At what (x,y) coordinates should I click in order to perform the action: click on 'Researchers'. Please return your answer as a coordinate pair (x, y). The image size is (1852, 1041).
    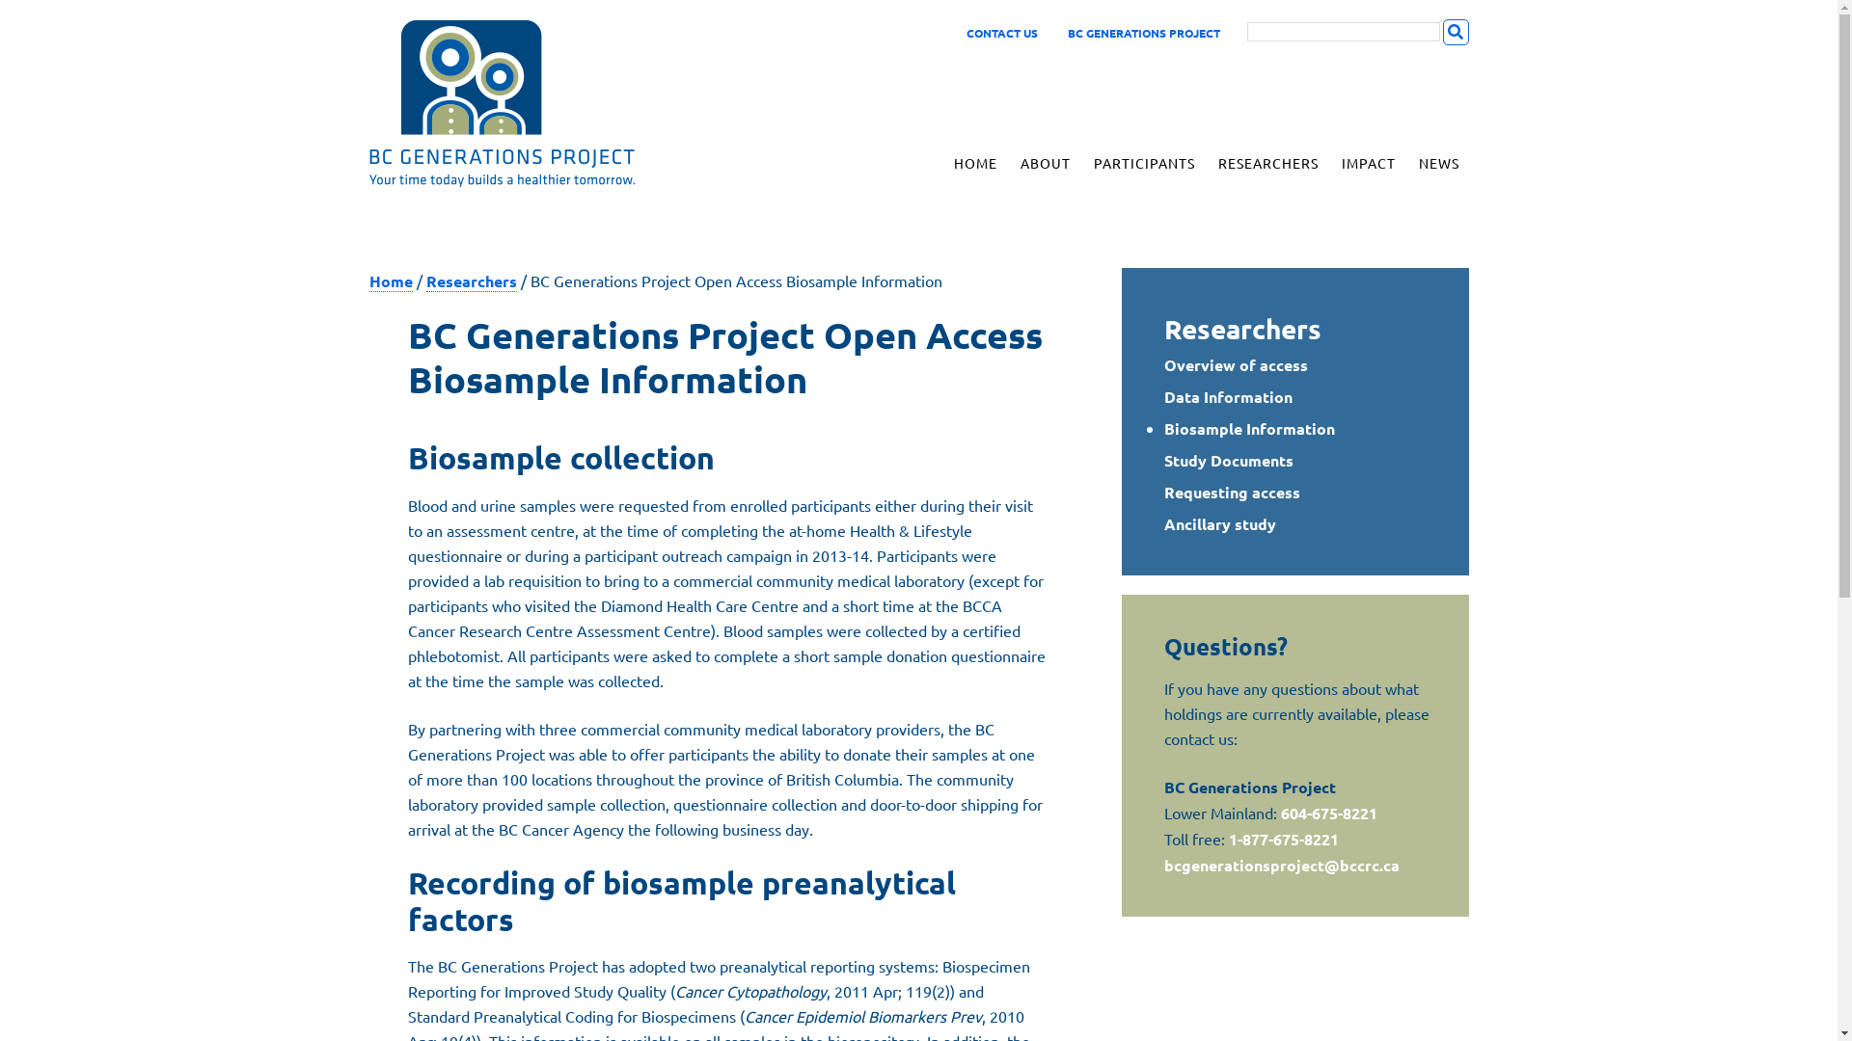
    Looking at the image, I should click on (472, 281).